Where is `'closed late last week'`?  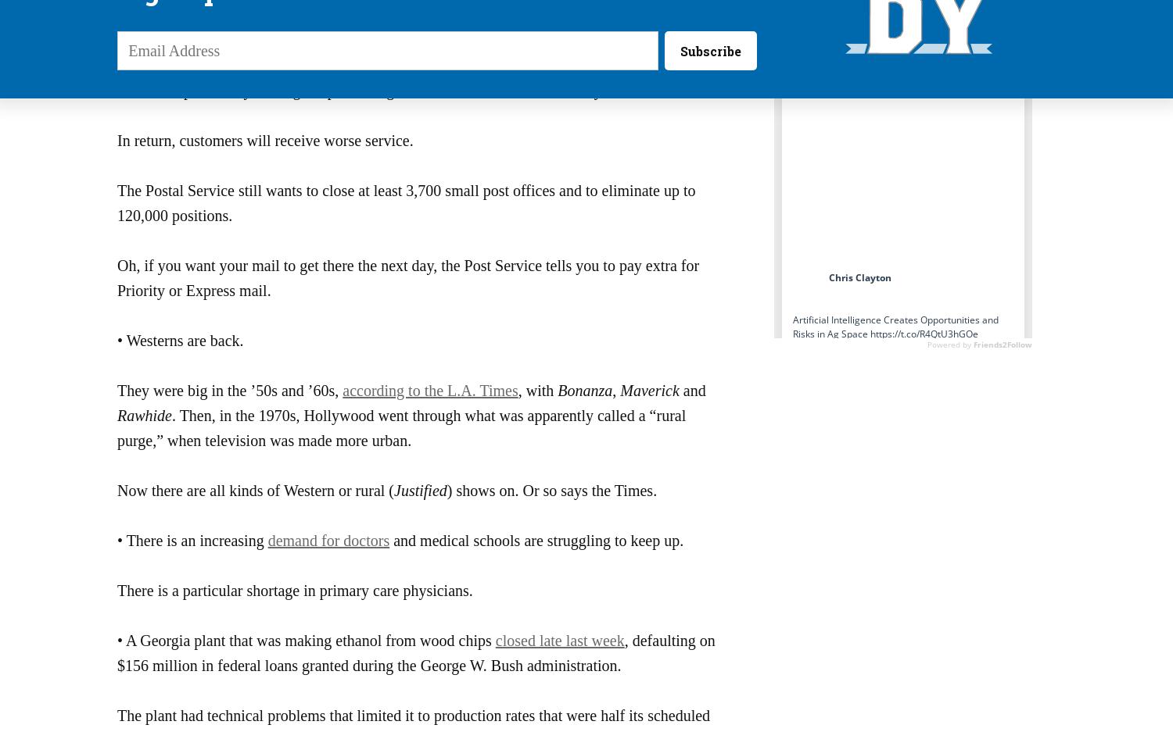
'closed late last week' is located at coordinates (495, 639).